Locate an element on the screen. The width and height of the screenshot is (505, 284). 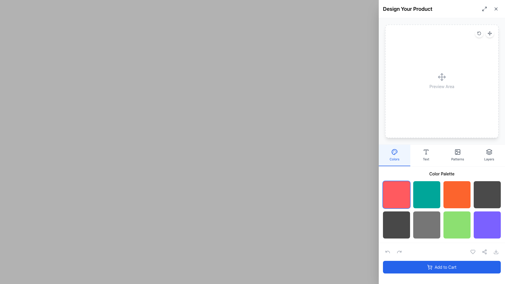
the circular palette icon with a blue outline and dotted patterns, which is part of the highlighted 'Colors' button on the leftmost position of the horizontal toolbar in the customization panel is located at coordinates (394, 152).